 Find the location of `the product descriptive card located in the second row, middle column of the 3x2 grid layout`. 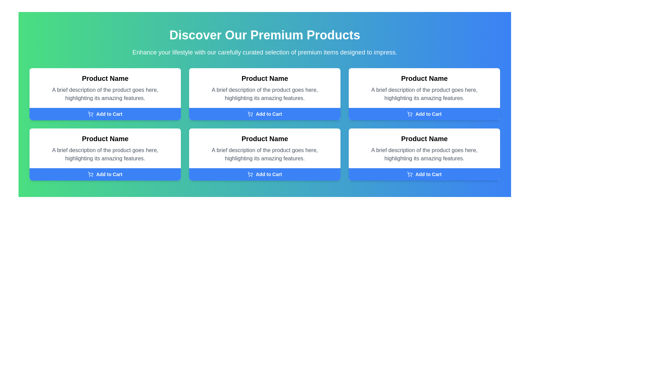

the product descriptive card located in the second row, middle column of the 3x2 grid layout is located at coordinates (264, 148).